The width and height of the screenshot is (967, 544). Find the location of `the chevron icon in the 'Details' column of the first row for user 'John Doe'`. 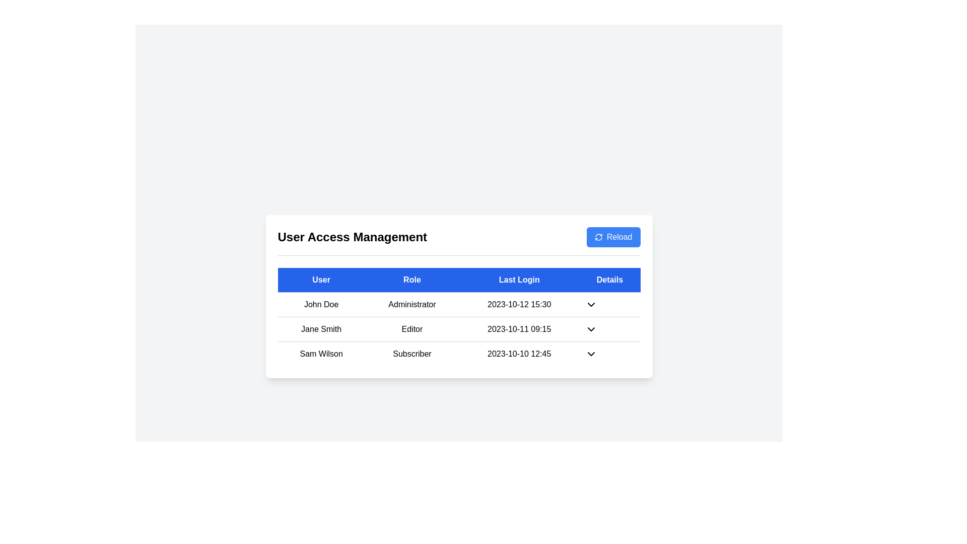

the chevron icon in the 'Details' column of the first row for user 'John Doe' is located at coordinates (591, 304).